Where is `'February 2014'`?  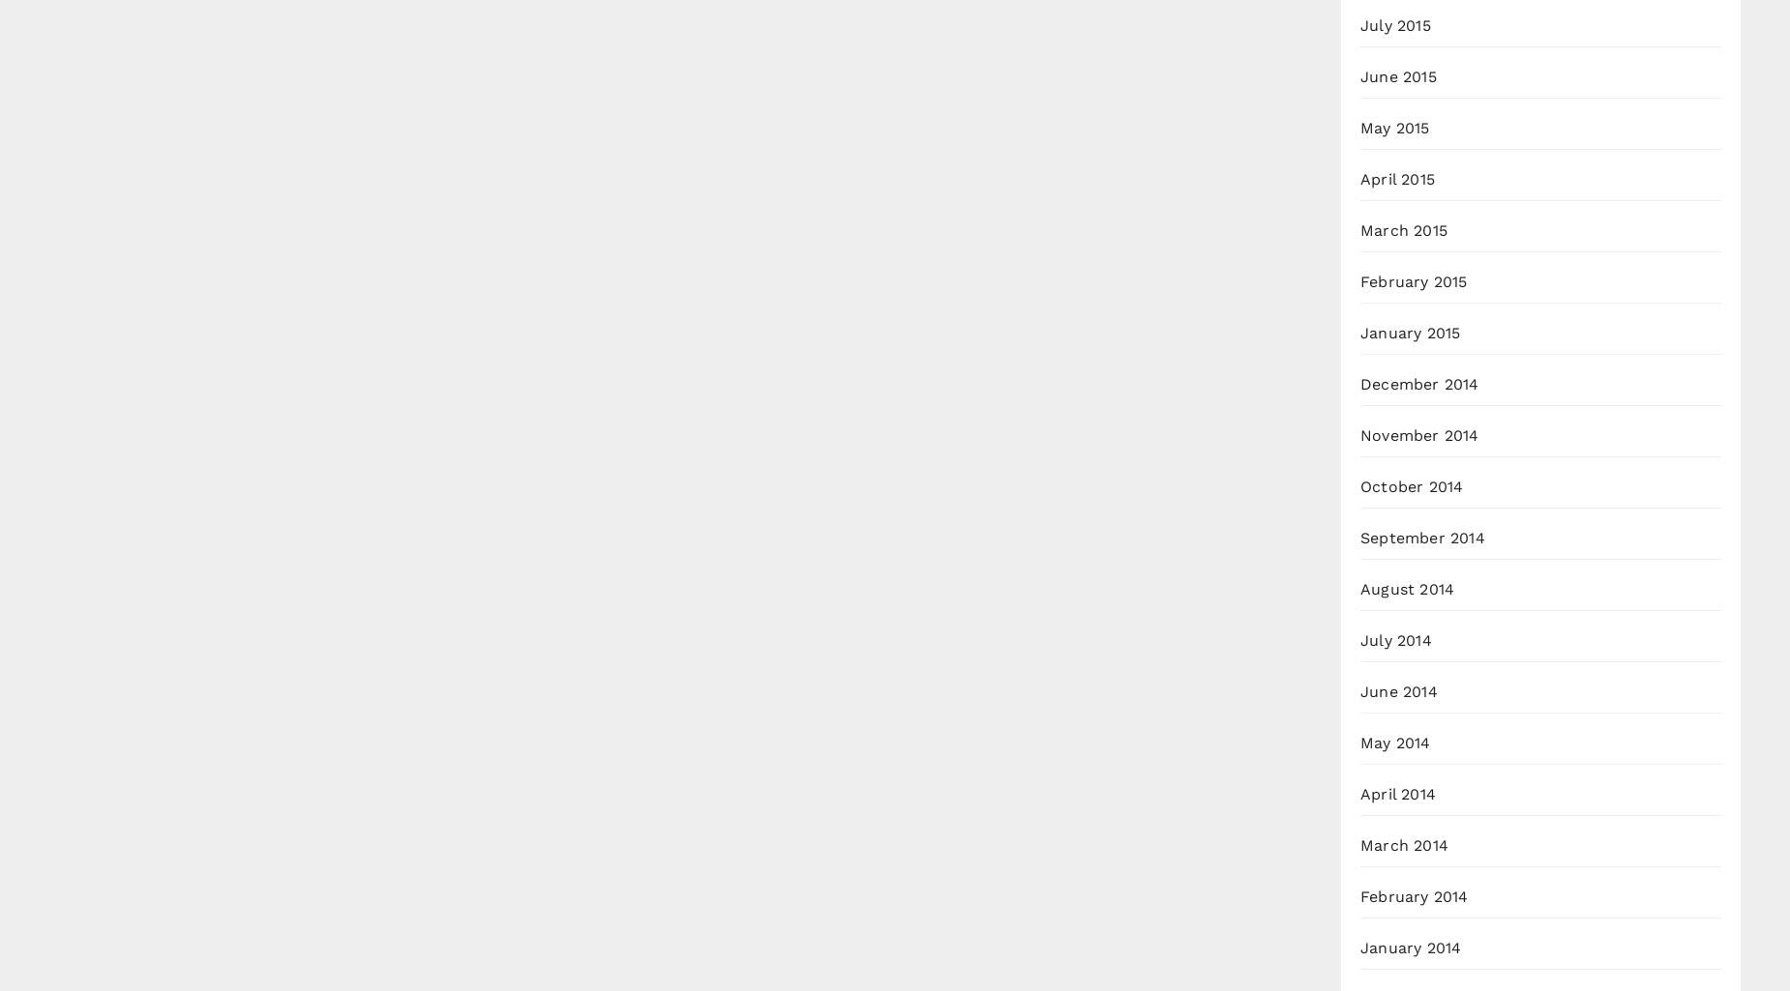
'February 2014' is located at coordinates (1414, 895).